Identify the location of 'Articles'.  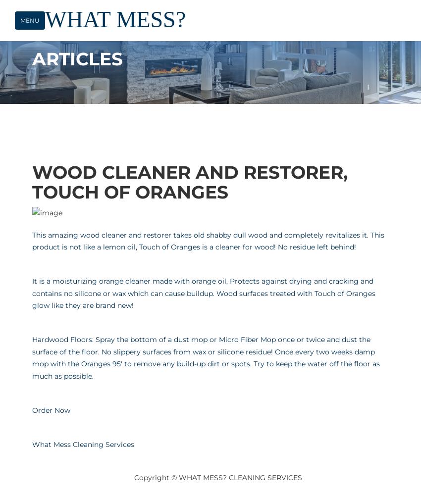
(77, 58).